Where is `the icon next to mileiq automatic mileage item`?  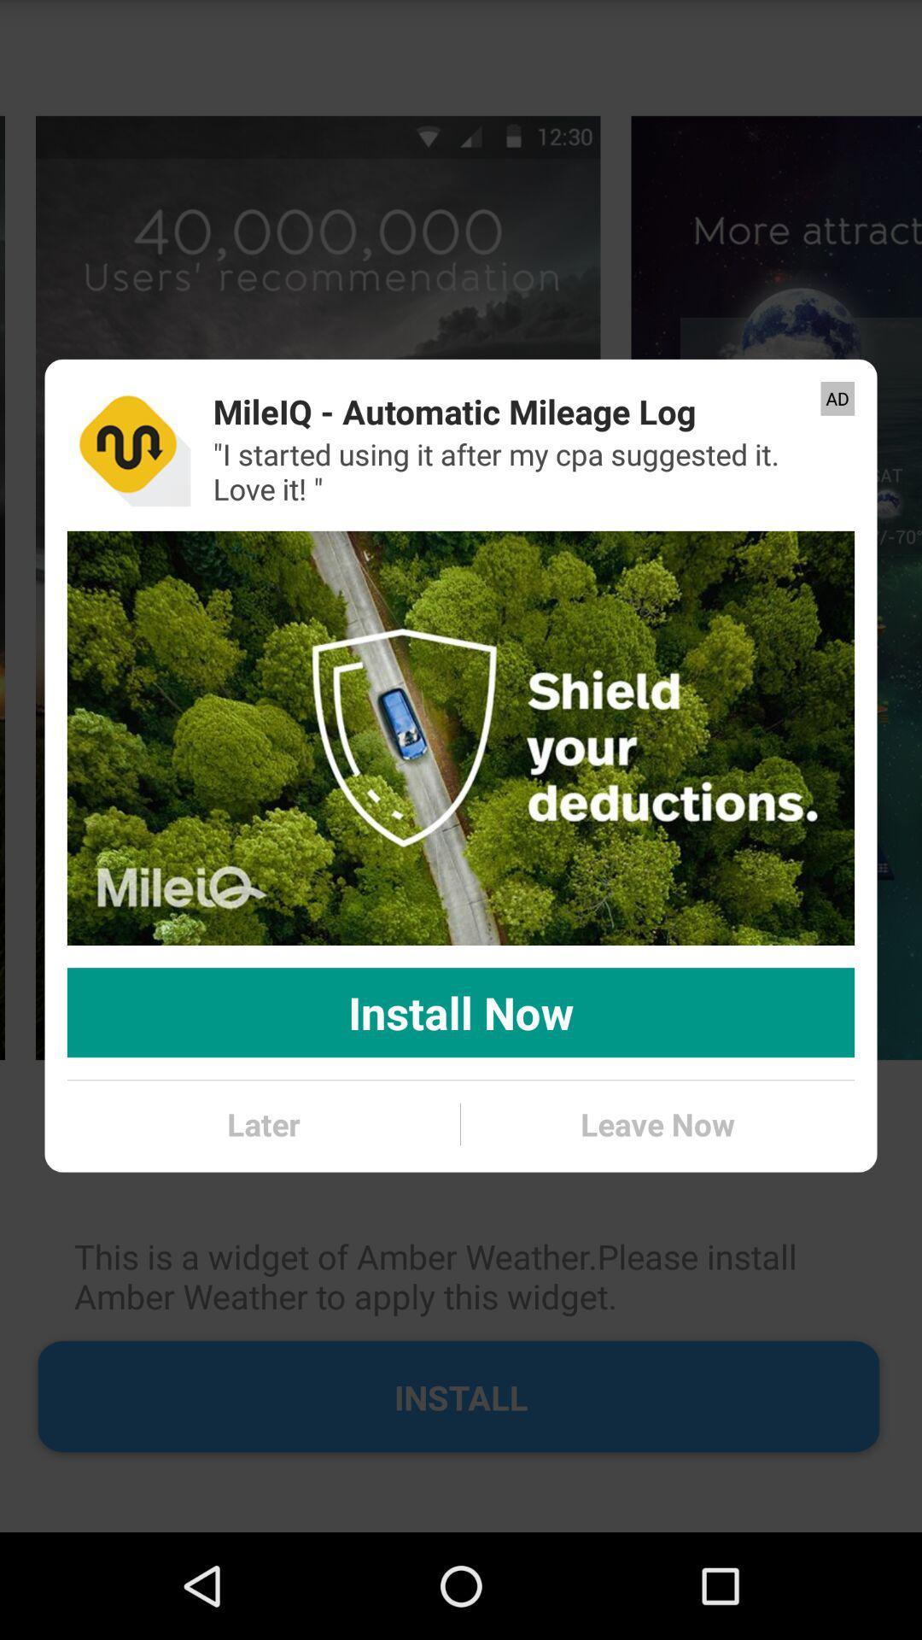 the icon next to mileiq automatic mileage item is located at coordinates (128, 444).